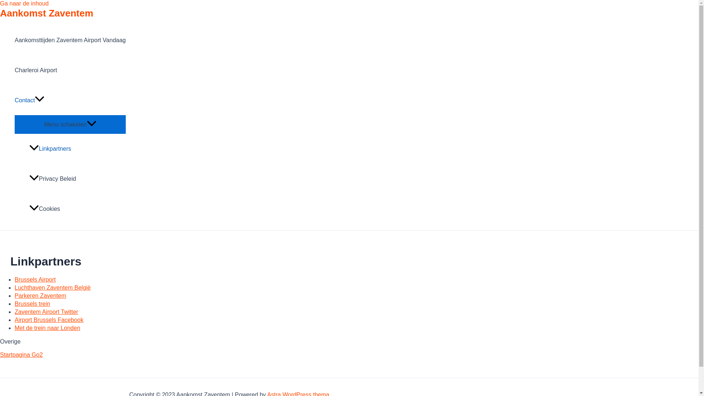 Image resolution: width=704 pixels, height=396 pixels. What do you see at coordinates (40, 295) in the screenshot?
I see `'Parkeren Zaventem'` at bounding box center [40, 295].